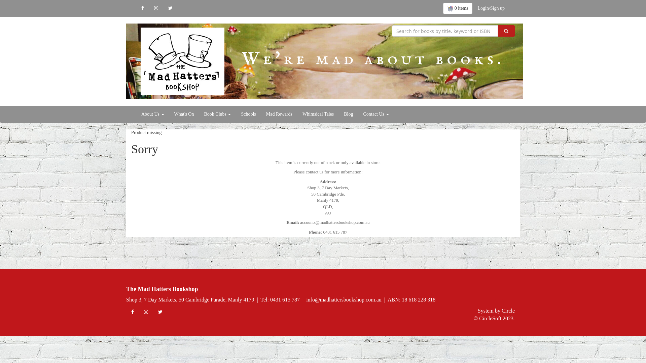  What do you see at coordinates (375, 114) in the screenshot?
I see `'Contact Us '` at bounding box center [375, 114].